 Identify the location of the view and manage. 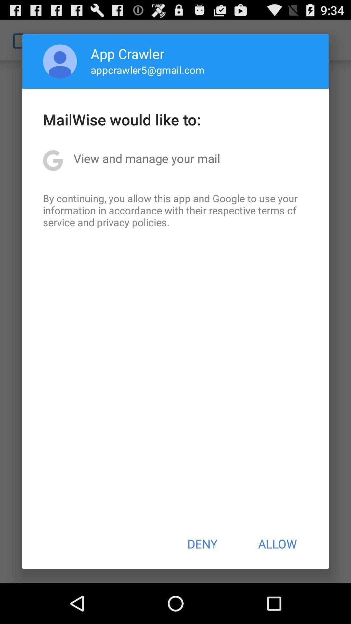
(147, 158).